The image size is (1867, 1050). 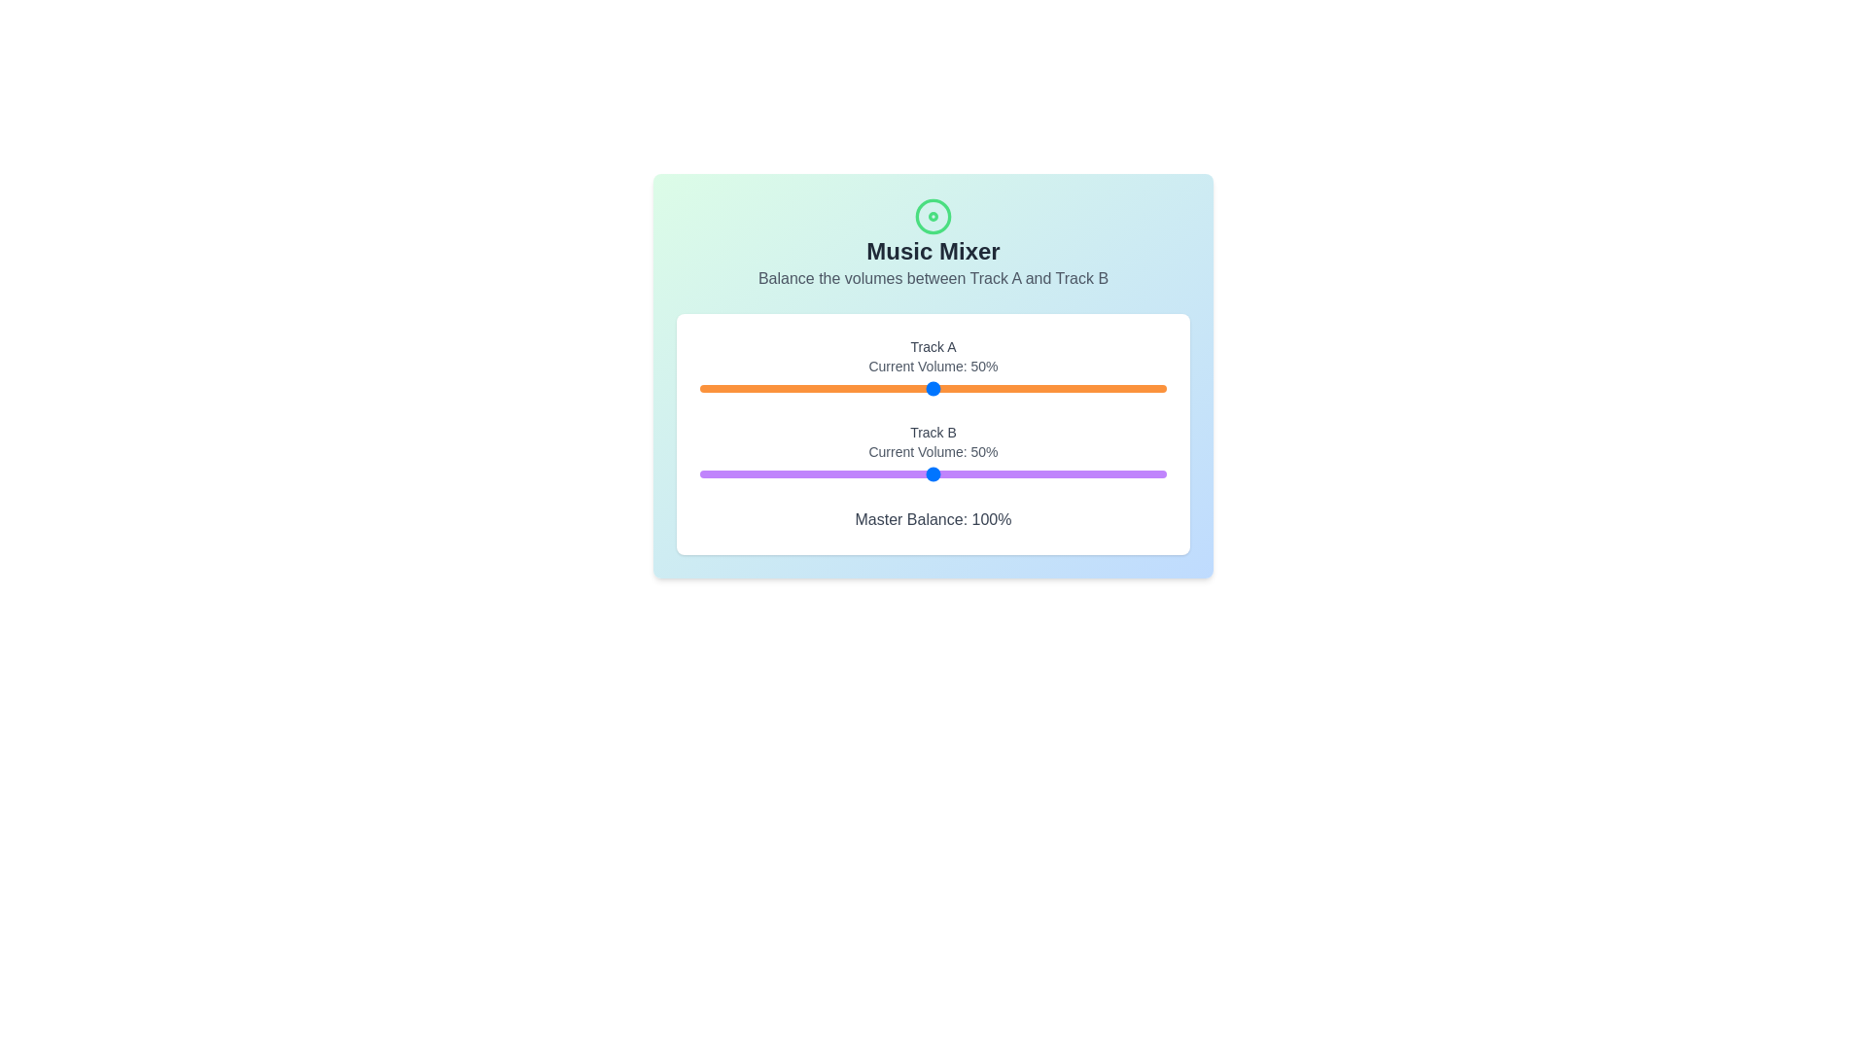 What do you see at coordinates (840, 389) in the screenshot?
I see `the volume for Track A to 30% by interacting with the slider` at bounding box center [840, 389].